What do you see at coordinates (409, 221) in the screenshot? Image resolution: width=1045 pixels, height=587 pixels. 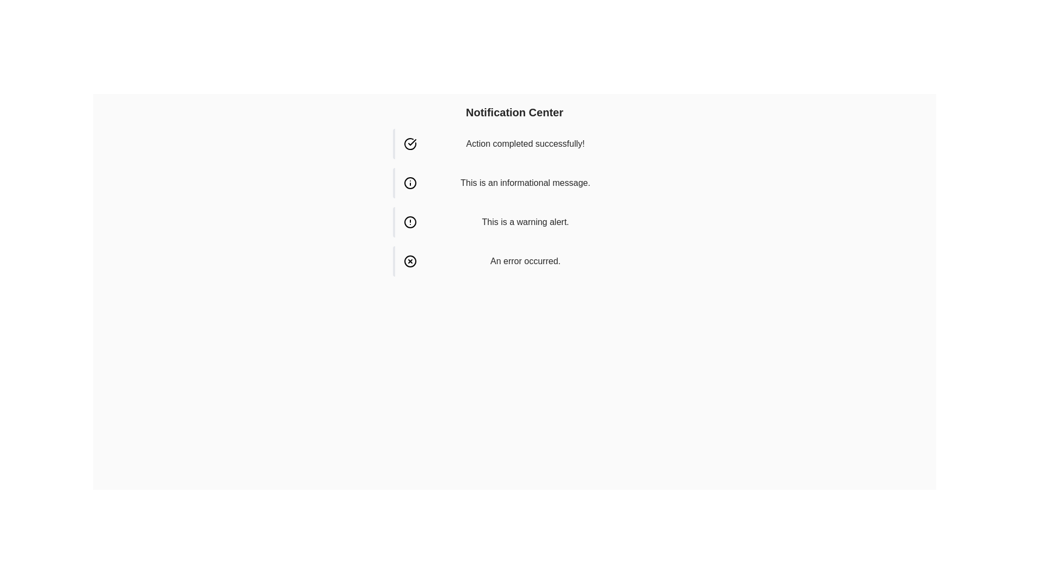 I see `the warning icon located to the left of the notification block containing the text 'This is a warning alert.'` at bounding box center [409, 221].